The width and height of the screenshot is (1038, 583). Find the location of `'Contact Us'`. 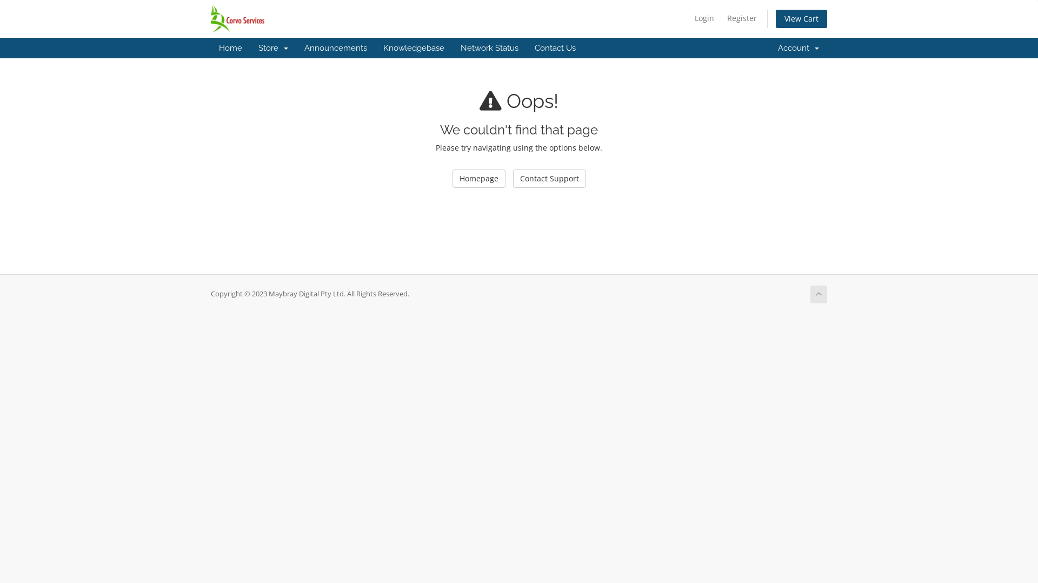

'Contact Us' is located at coordinates (555, 47).